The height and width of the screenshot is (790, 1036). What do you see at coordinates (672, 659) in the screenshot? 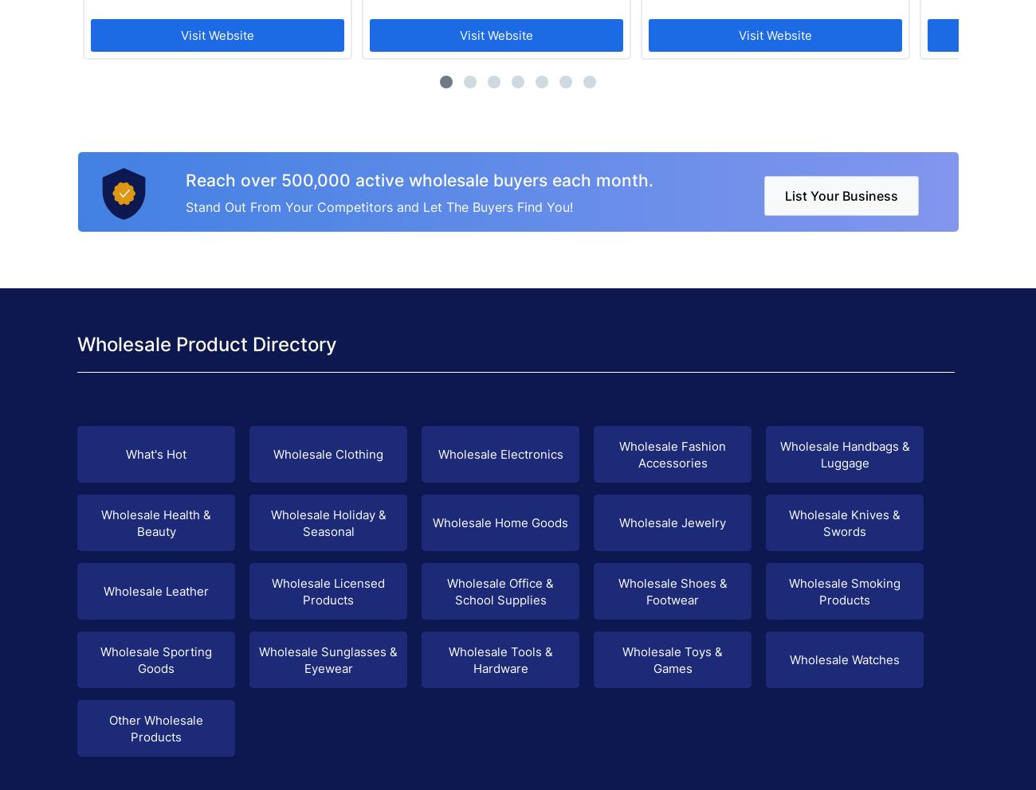
I see `'Wholesale Toys & Games'` at bounding box center [672, 659].